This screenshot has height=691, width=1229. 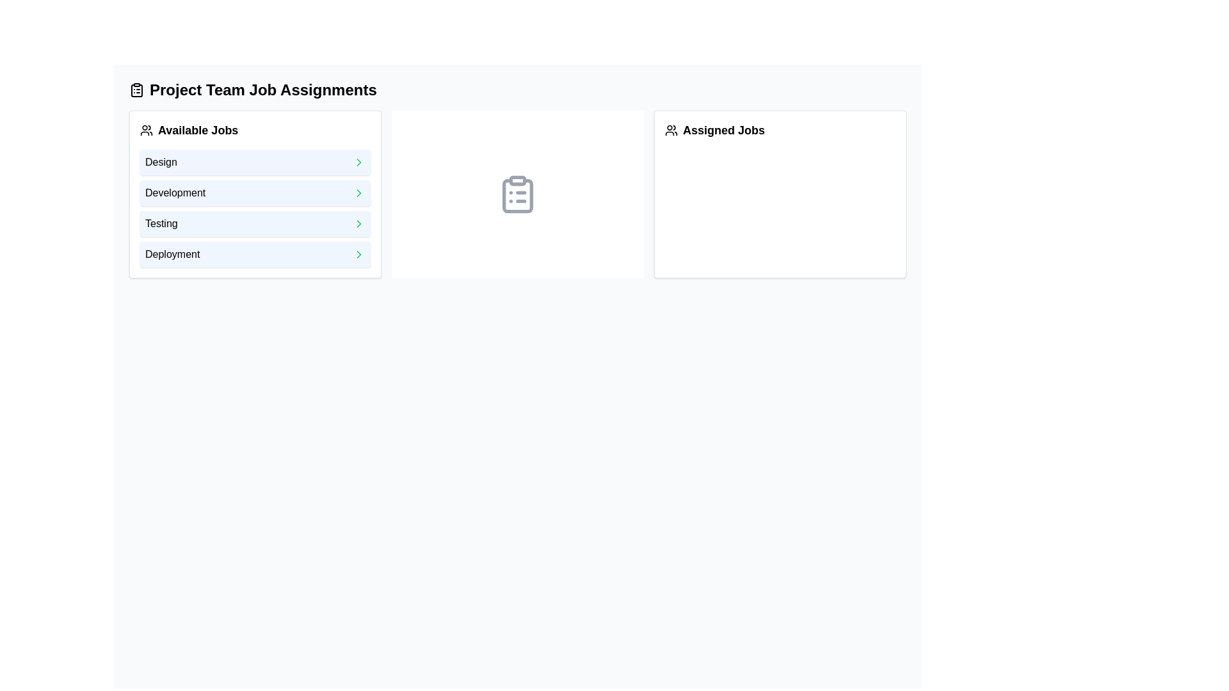 I want to click on the clipboard icon that is located to the left of the header text 'Project Team Job Assignments', so click(x=137, y=90).